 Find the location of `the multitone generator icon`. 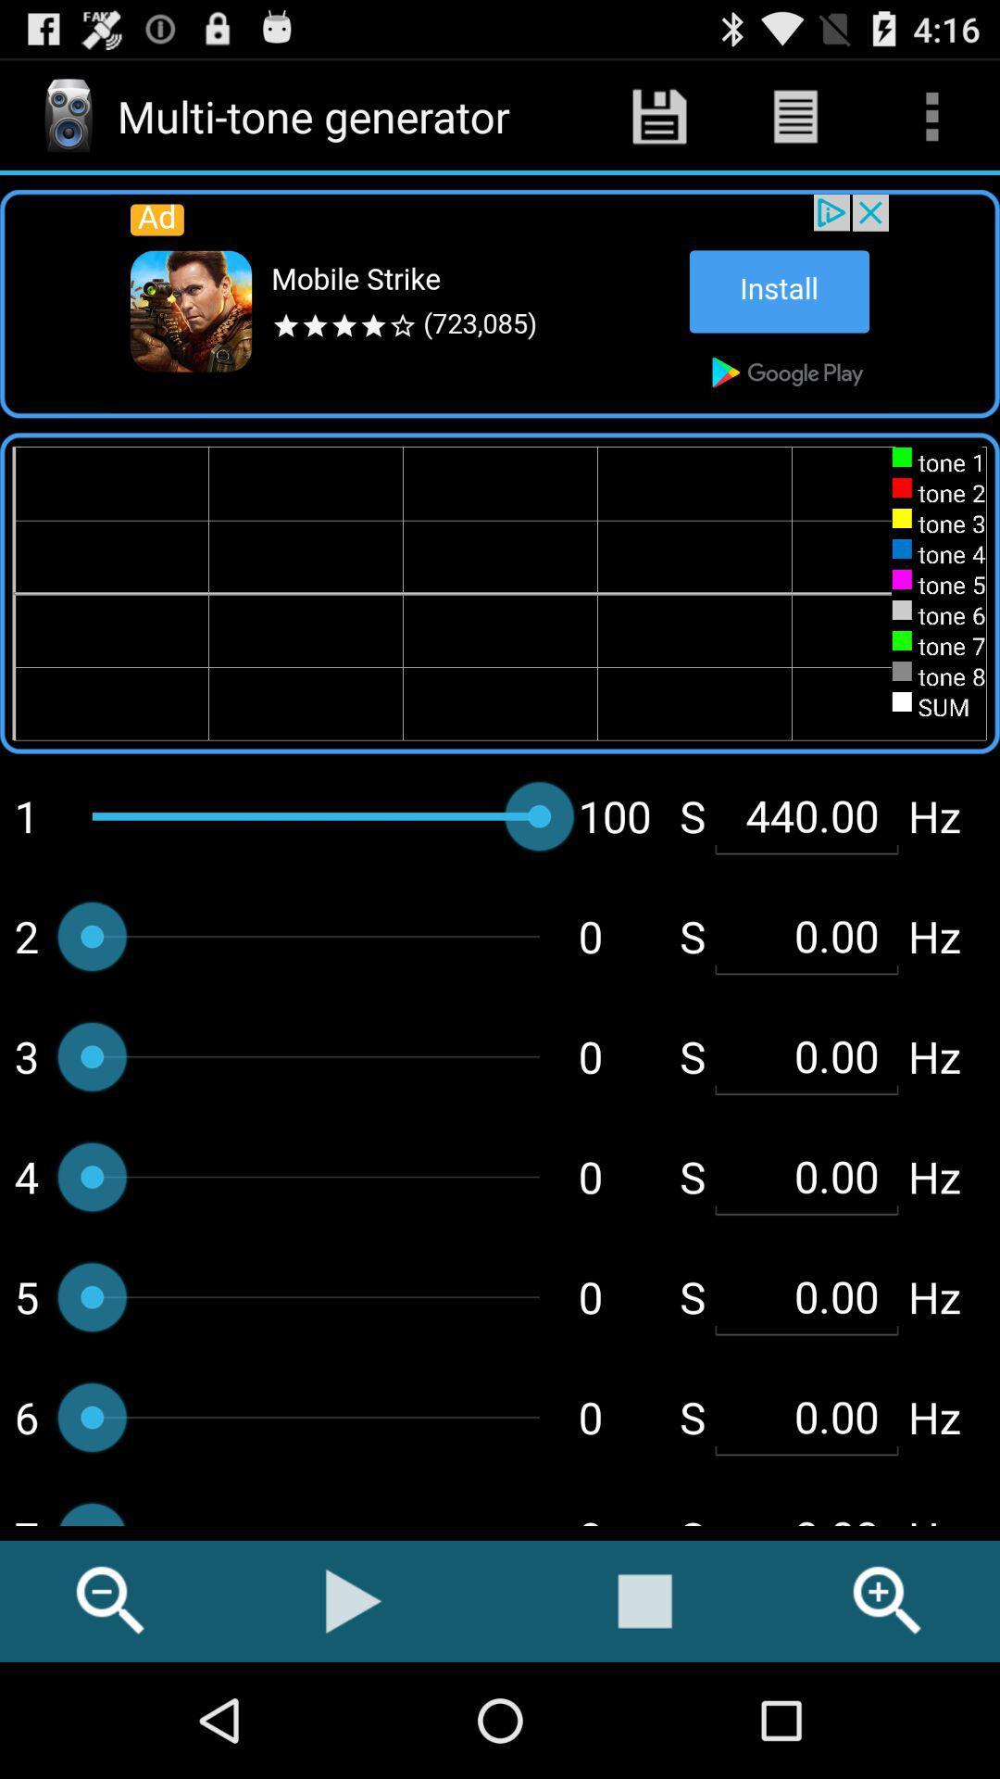

the multitone generator icon is located at coordinates (67, 115).